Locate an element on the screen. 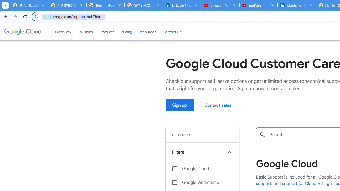 The height and width of the screenshot is (191, 340). 'Solutions' is located at coordinates (85, 32).